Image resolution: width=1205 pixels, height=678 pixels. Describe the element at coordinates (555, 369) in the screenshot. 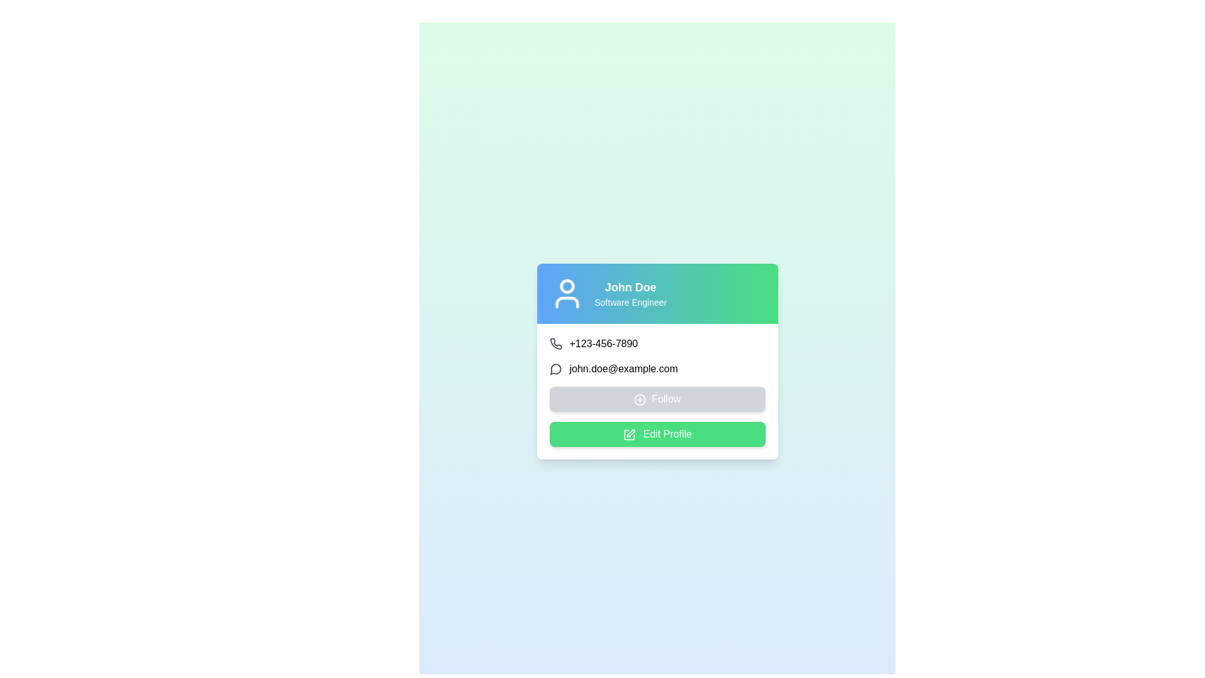

I see `the comment or messaging icon located on the left side of the contact information section, aligned with the phone number and email address` at that location.